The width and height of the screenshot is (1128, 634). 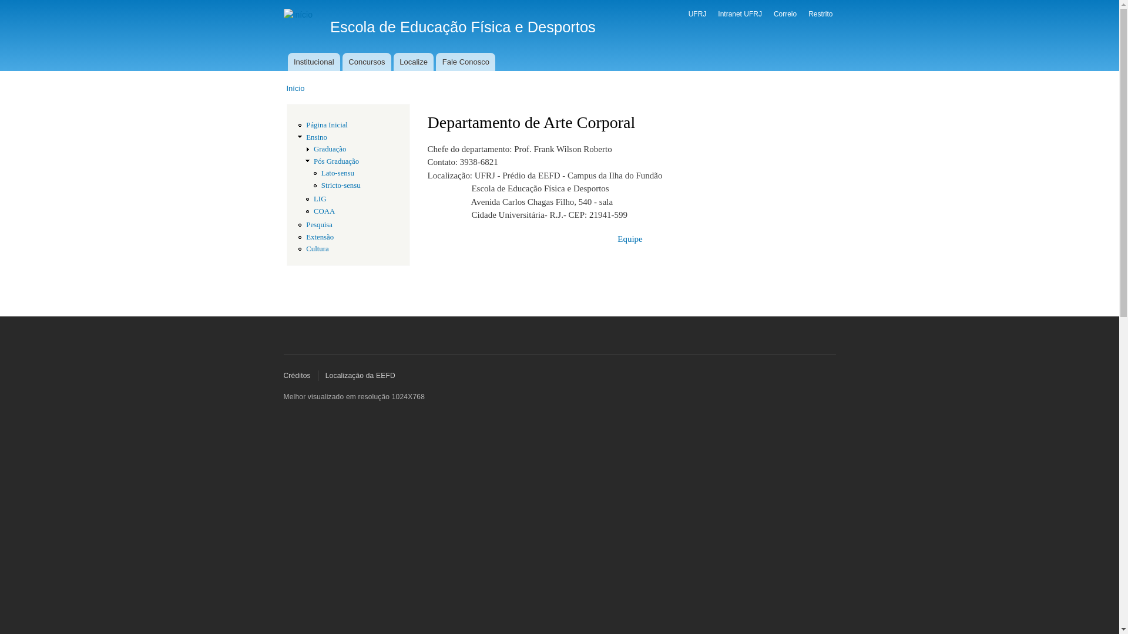 I want to click on 'Localize', so click(x=414, y=62).